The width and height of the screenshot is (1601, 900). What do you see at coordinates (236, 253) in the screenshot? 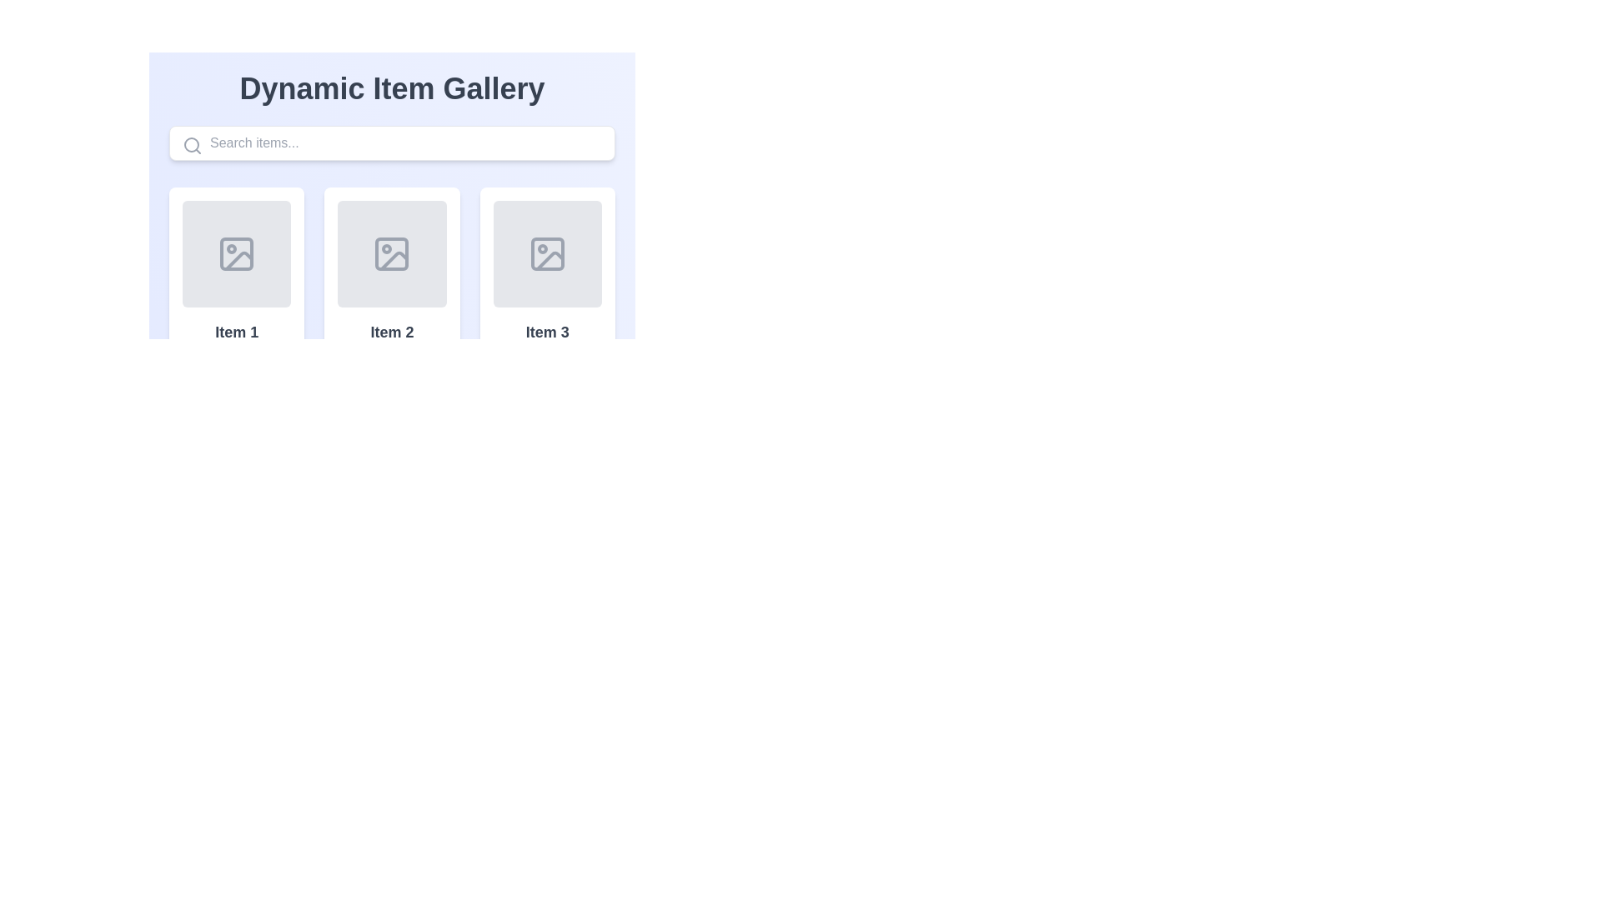
I see `properties of the SVG rectangle element that represents an image or media file in the gallery, centered below the 'Dynamic Item Gallery' title` at bounding box center [236, 253].